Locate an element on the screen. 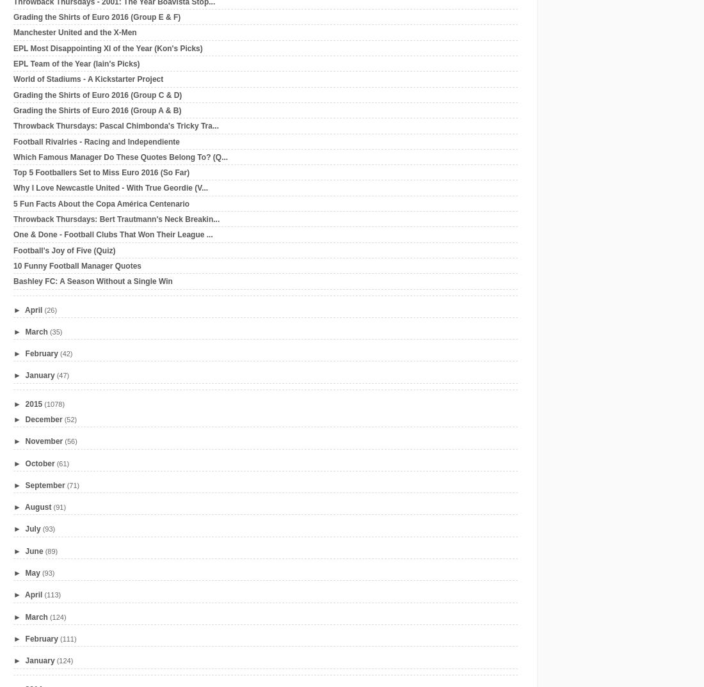  '(113)' is located at coordinates (52, 594).